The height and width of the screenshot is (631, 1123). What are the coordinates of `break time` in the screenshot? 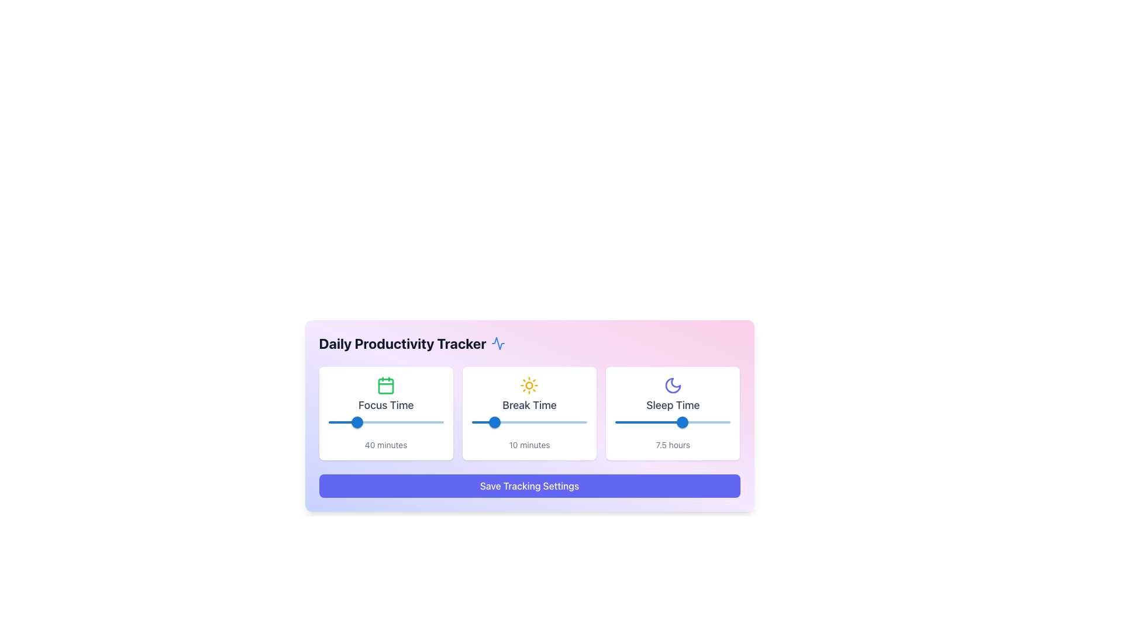 It's located at (476, 422).